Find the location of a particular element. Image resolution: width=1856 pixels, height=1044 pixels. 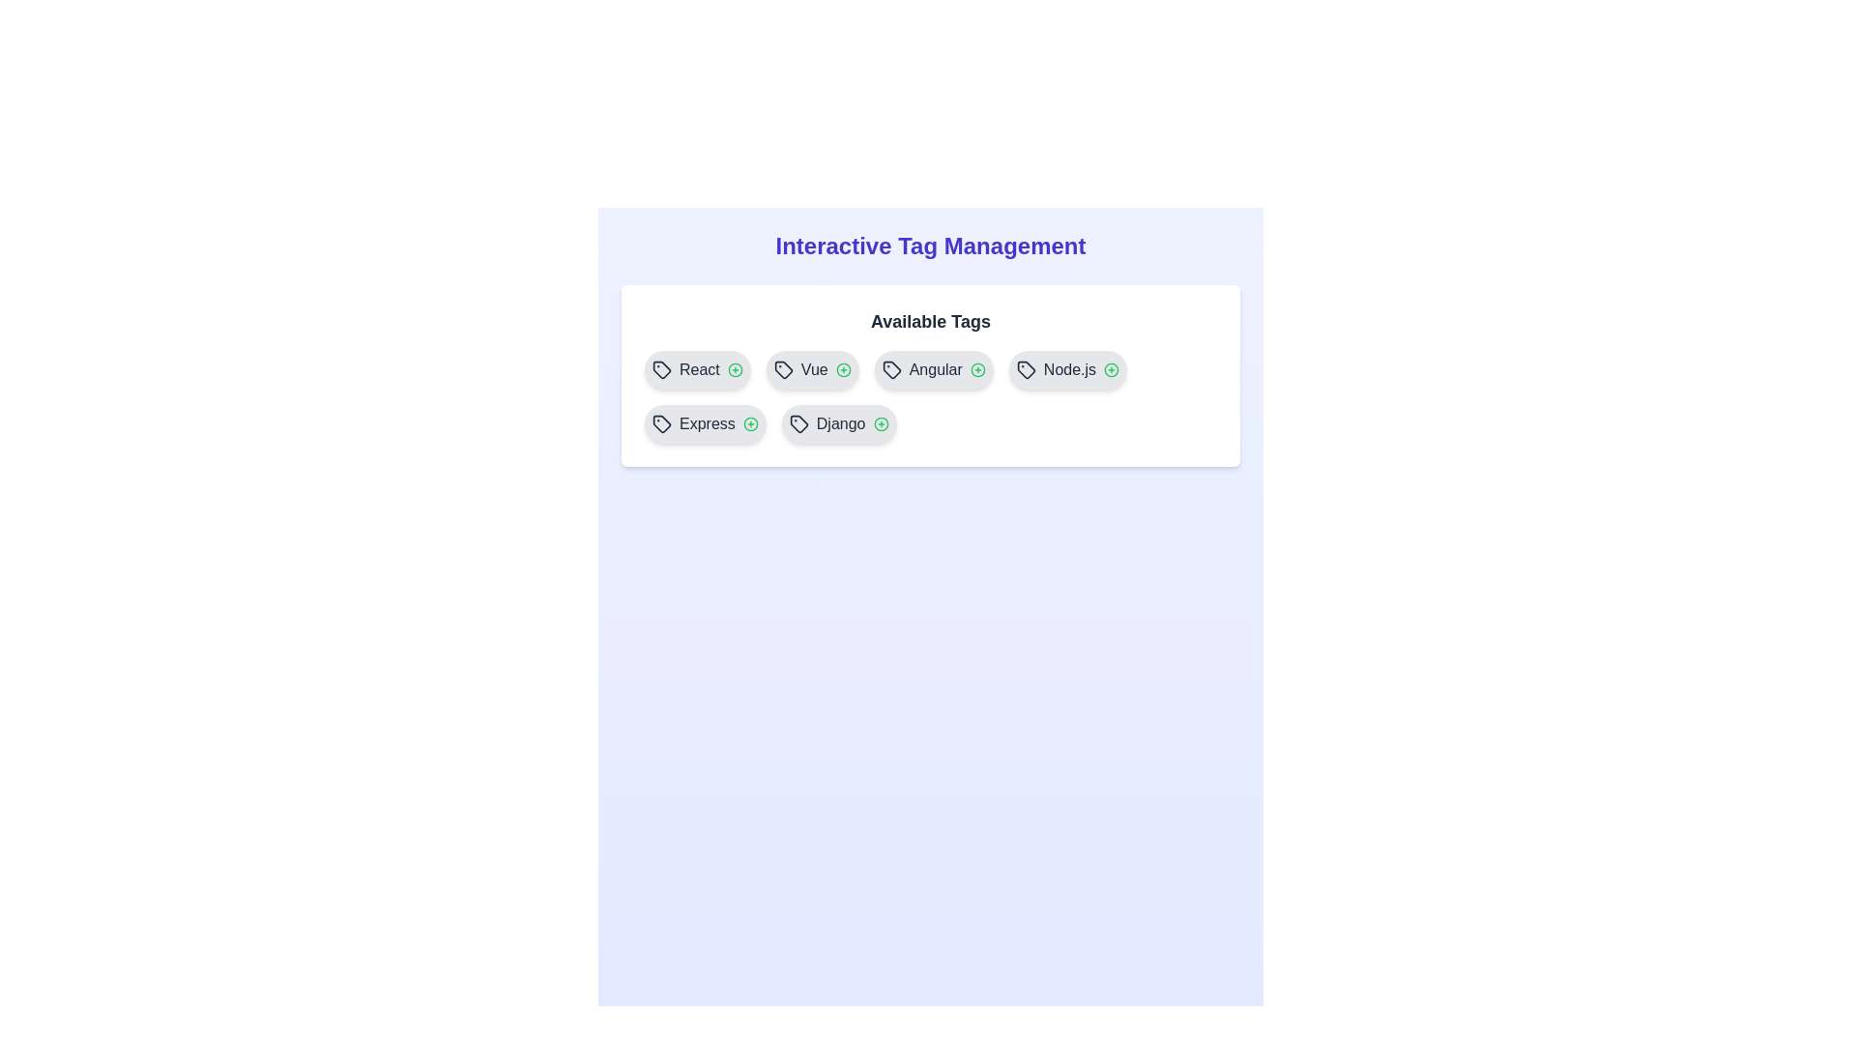

the 'Node.js' button, which is a capsule-shaped button with a light gray background and darker text, located is located at coordinates (1066, 369).